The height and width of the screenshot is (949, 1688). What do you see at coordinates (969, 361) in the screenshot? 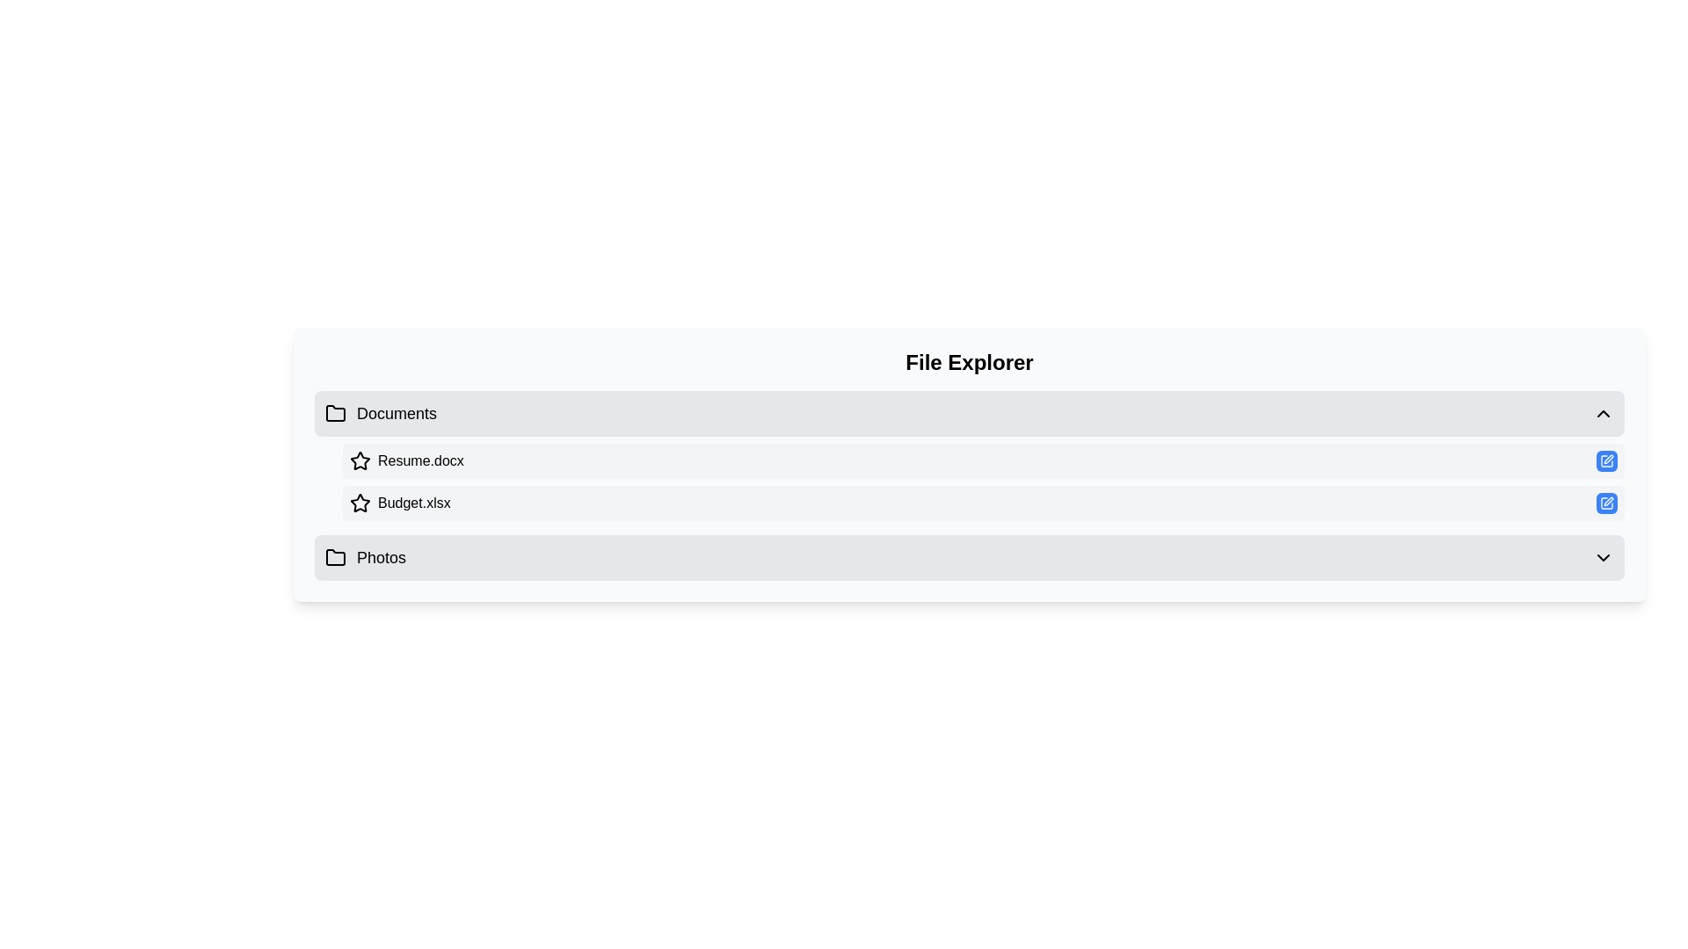
I see `the Text Label that serves as the title or header for the file explorer interface` at bounding box center [969, 361].